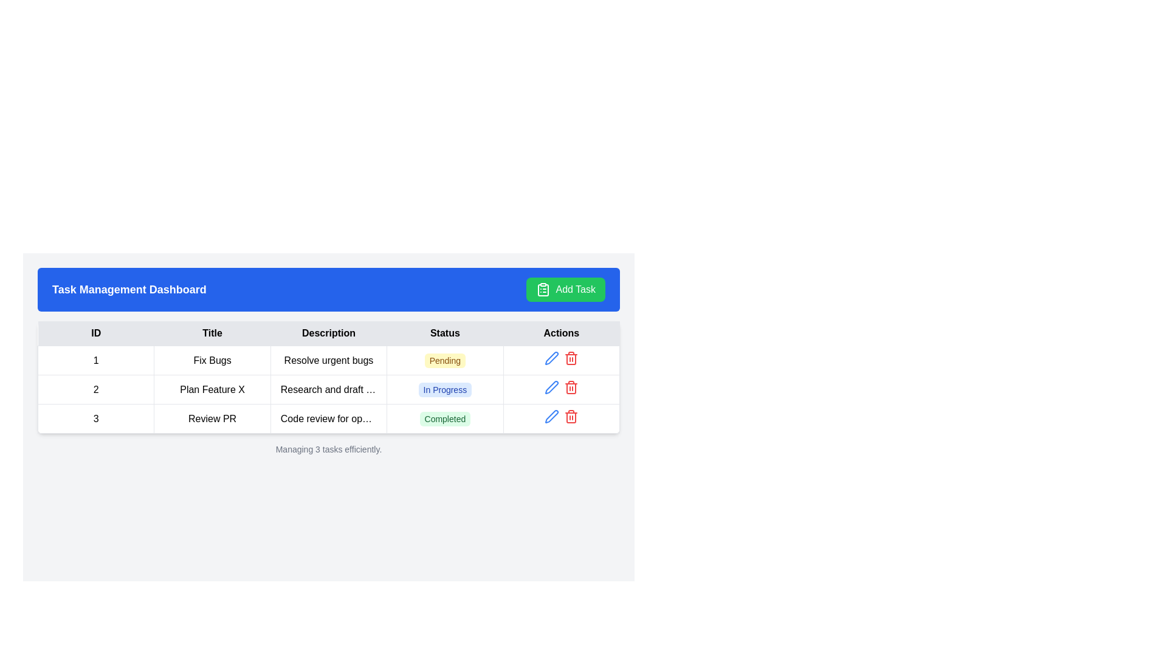  What do you see at coordinates (212, 333) in the screenshot?
I see `text from the 'Title' text label, which is in the second column of the table header with a light gray background` at bounding box center [212, 333].